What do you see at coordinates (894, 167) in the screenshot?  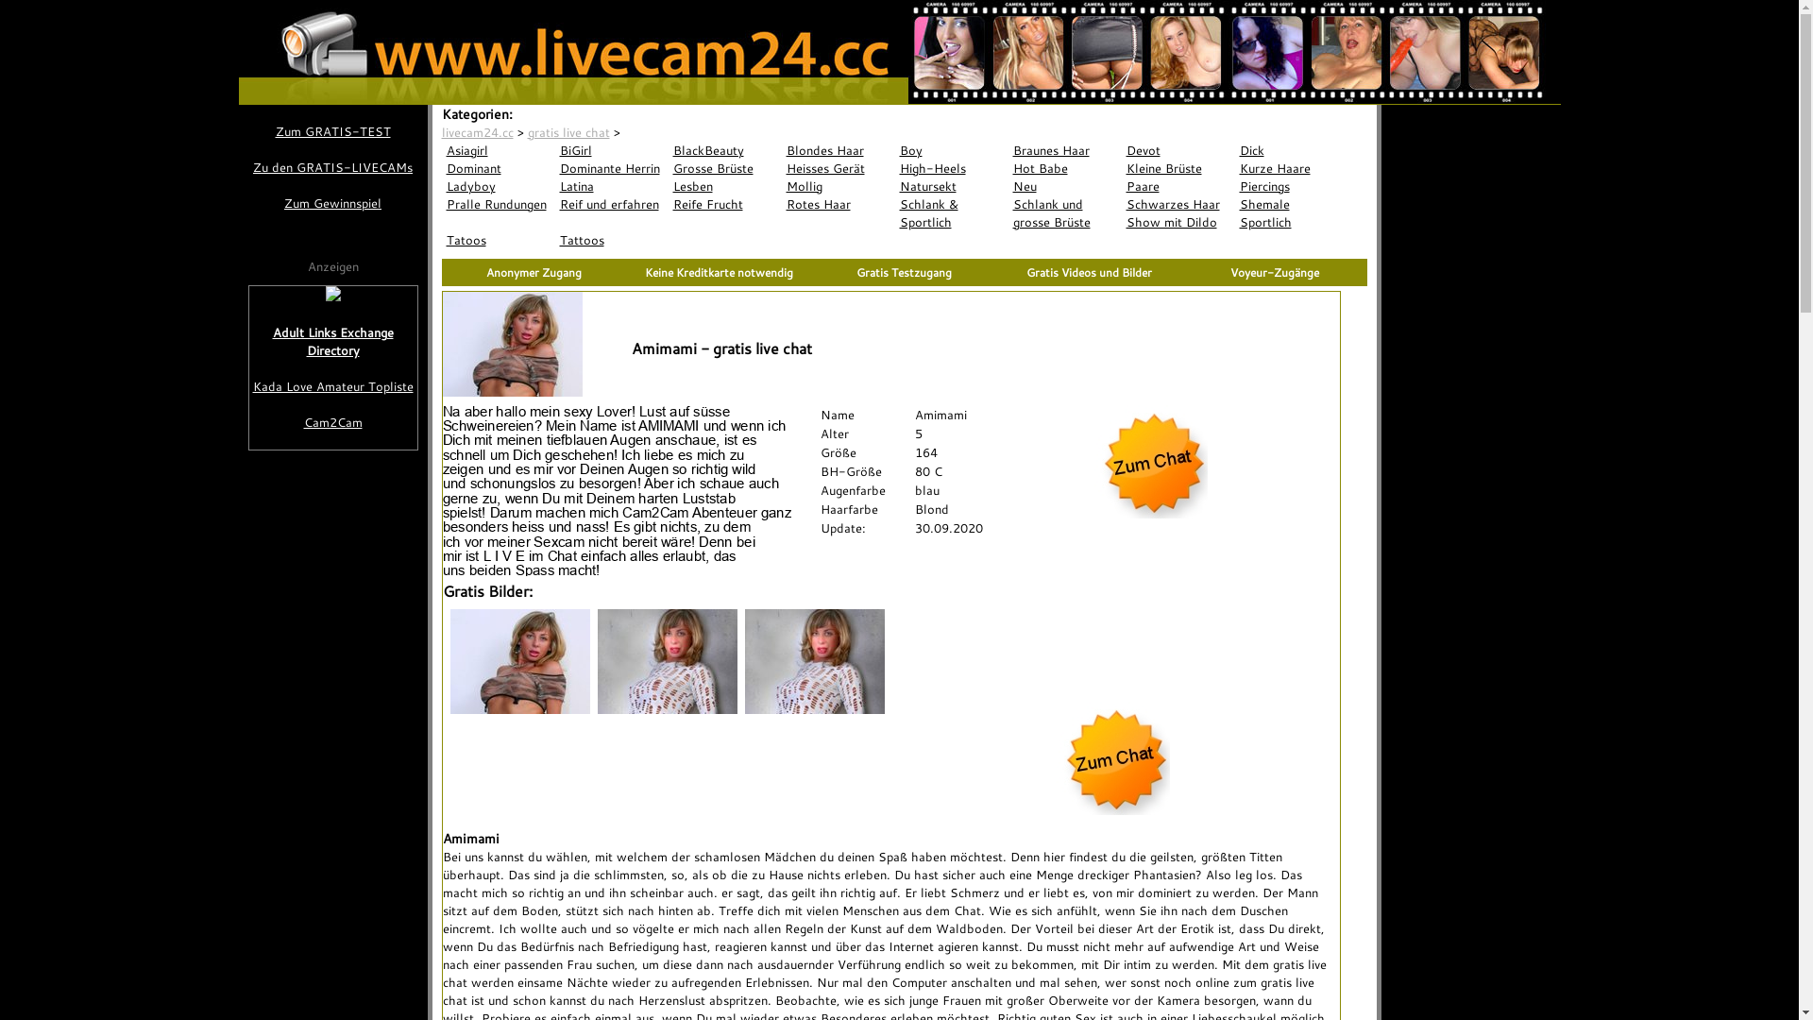 I see `'High-Heels'` at bounding box center [894, 167].